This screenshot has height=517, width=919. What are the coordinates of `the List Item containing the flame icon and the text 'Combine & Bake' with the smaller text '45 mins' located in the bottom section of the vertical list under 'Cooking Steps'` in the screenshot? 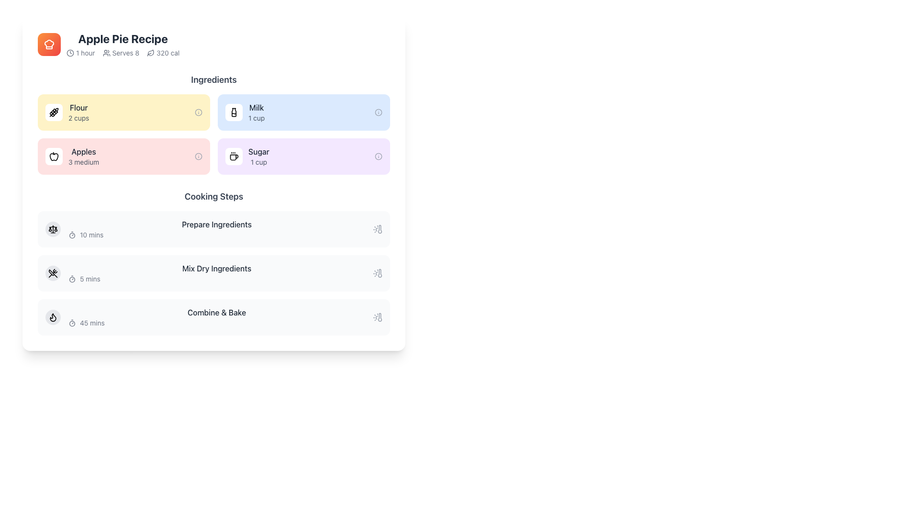 It's located at (213, 317).